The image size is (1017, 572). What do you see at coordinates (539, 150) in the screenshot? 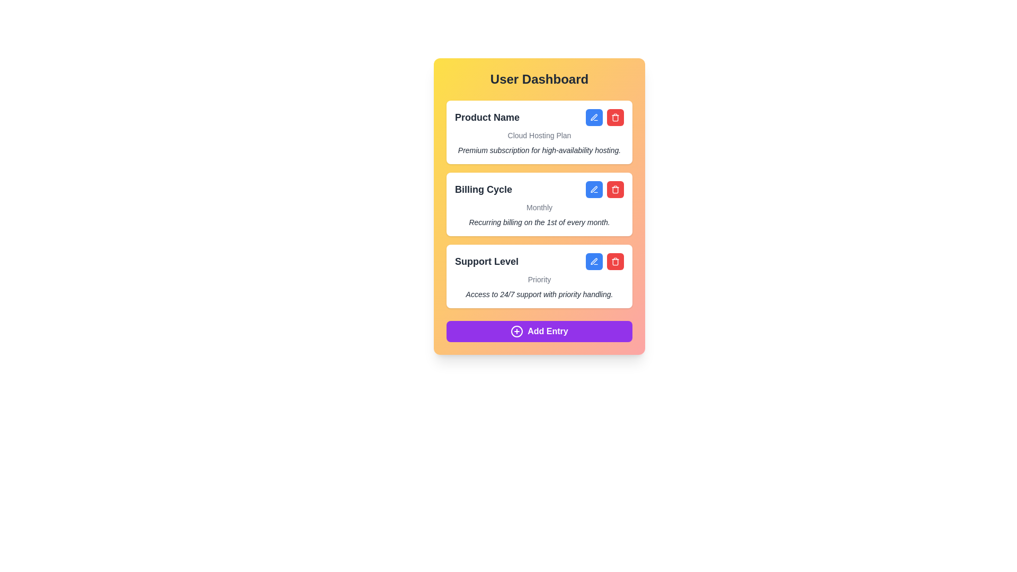
I see `the Static Text element that provides descriptive information about the associated subscription plan, which is positioned below the 'Cloud Hosting Plan' element` at bounding box center [539, 150].